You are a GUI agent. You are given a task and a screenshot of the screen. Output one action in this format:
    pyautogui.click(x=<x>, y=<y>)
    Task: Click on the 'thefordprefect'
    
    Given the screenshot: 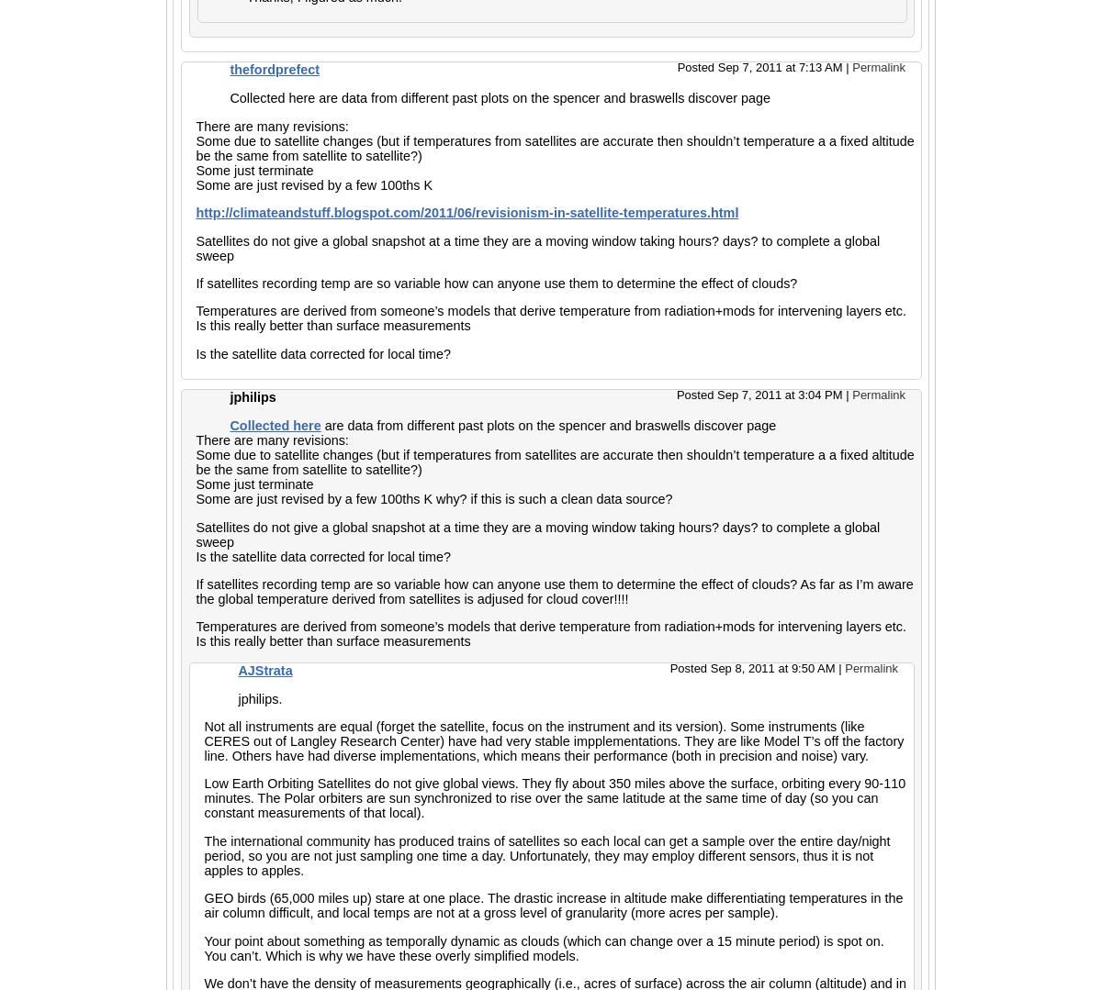 What is the action you would take?
    pyautogui.click(x=230, y=68)
    